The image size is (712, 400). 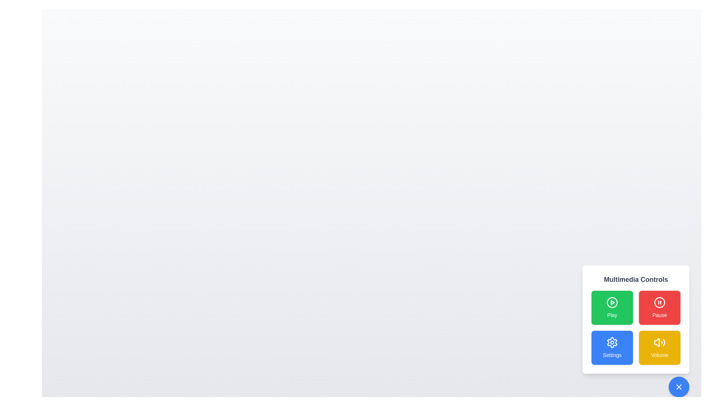 I want to click on the 'Pause' icon located at the top-right side of the multimedia controls panel, which visually signifies the 'Pause' functionality, so click(x=660, y=303).